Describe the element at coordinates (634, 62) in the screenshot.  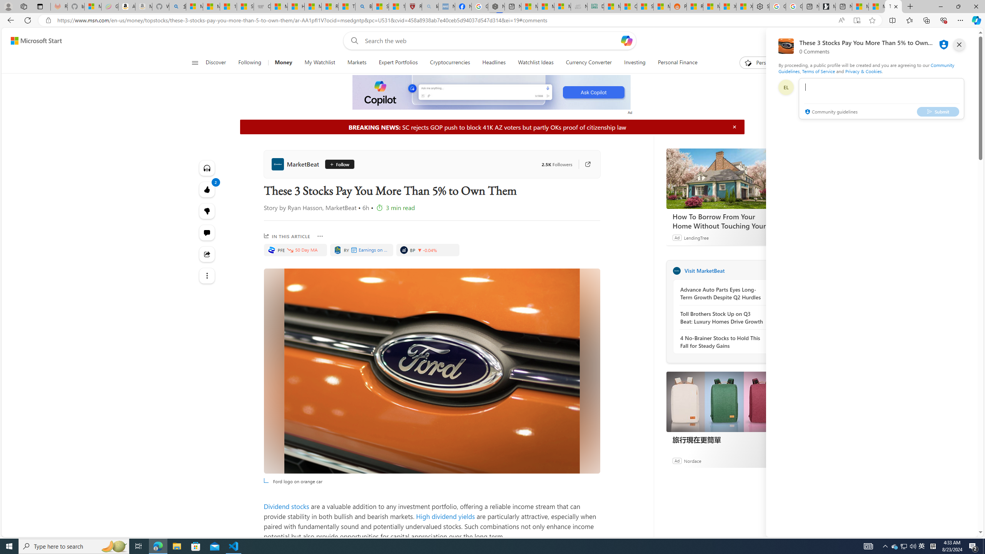
I see `'Investing'` at that location.